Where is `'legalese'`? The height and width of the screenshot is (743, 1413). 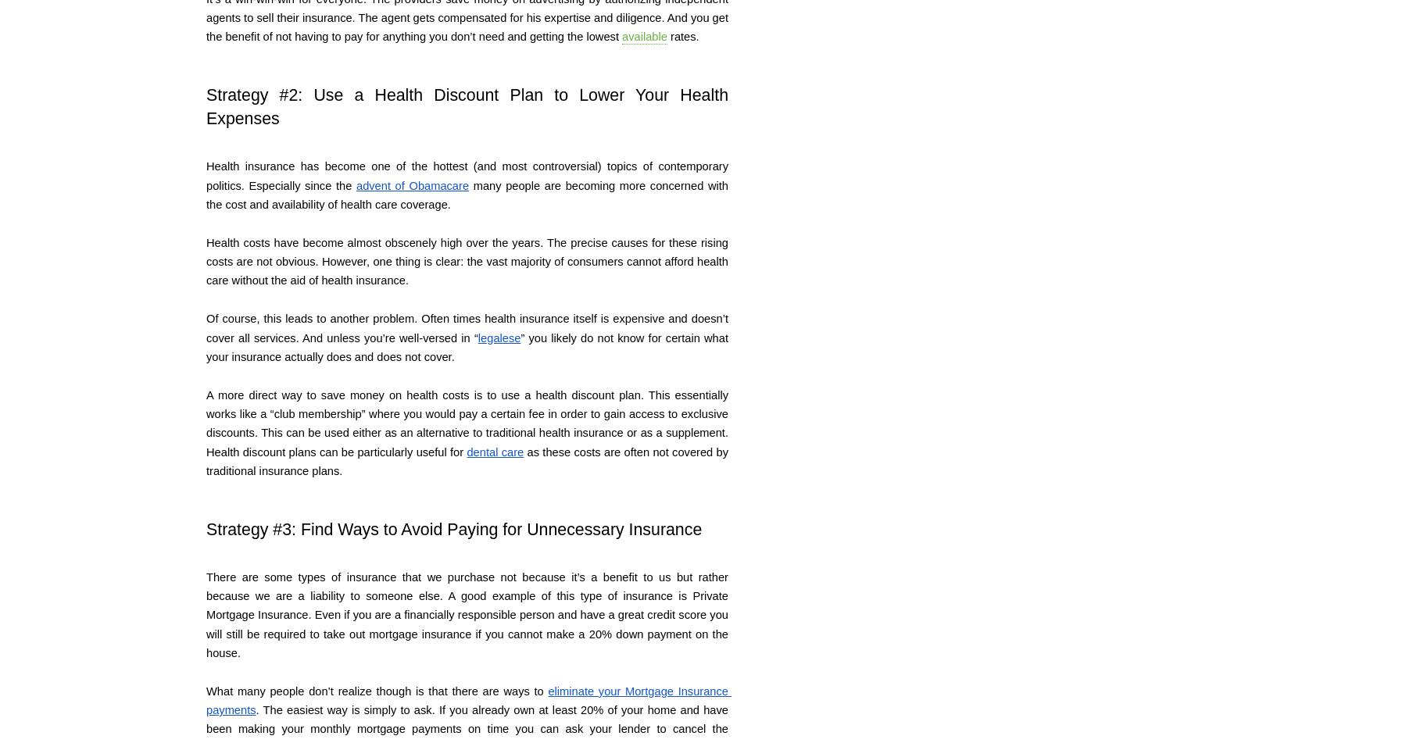 'legalese' is located at coordinates (499, 338).